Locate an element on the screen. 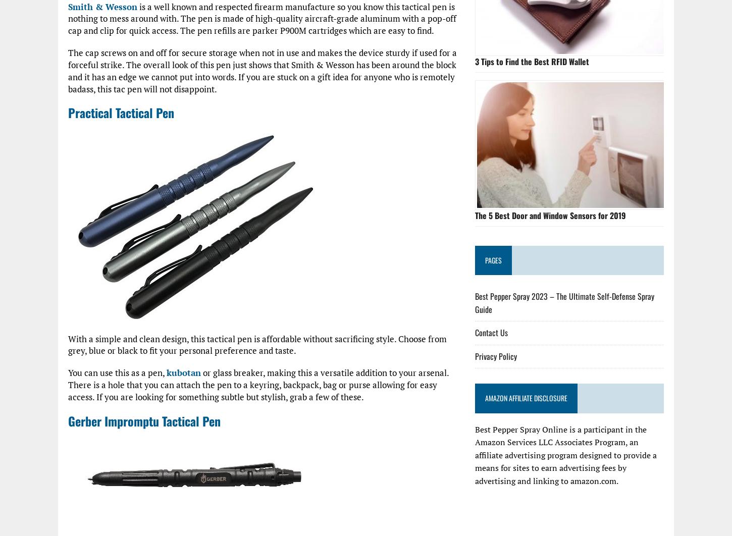 The width and height of the screenshot is (732, 536). '3 Tips to Find the Best RFID Wallet' is located at coordinates (532, 61).